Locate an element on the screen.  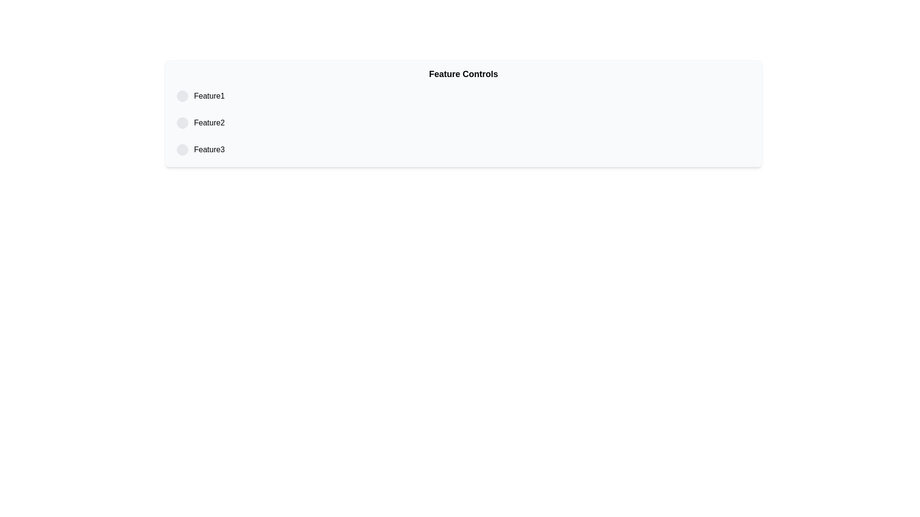
the radio button associated with the option 'Feature1' is located at coordinates (182, 96).